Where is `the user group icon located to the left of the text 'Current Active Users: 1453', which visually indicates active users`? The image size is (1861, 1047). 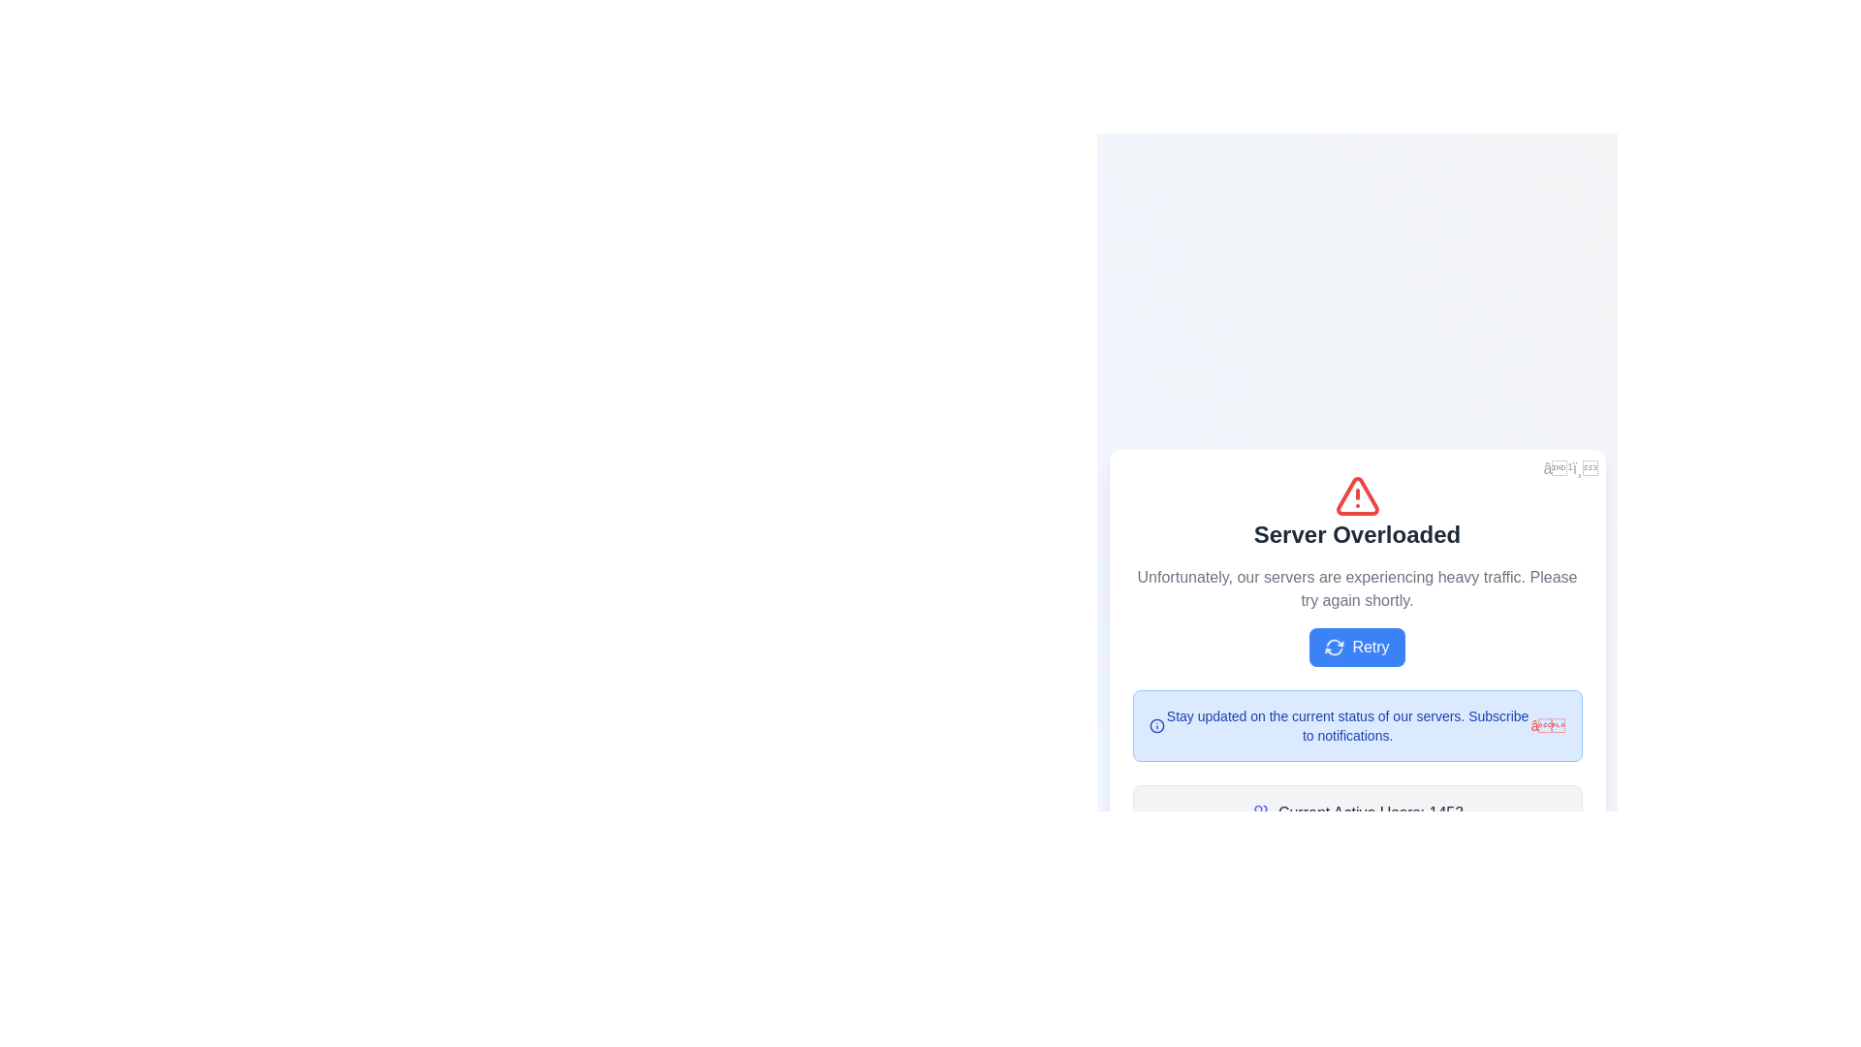 the user group icon located to the left of the text 'Current Active Users: 1453', which visually indicates active users is located at coordinates (1260, 813).